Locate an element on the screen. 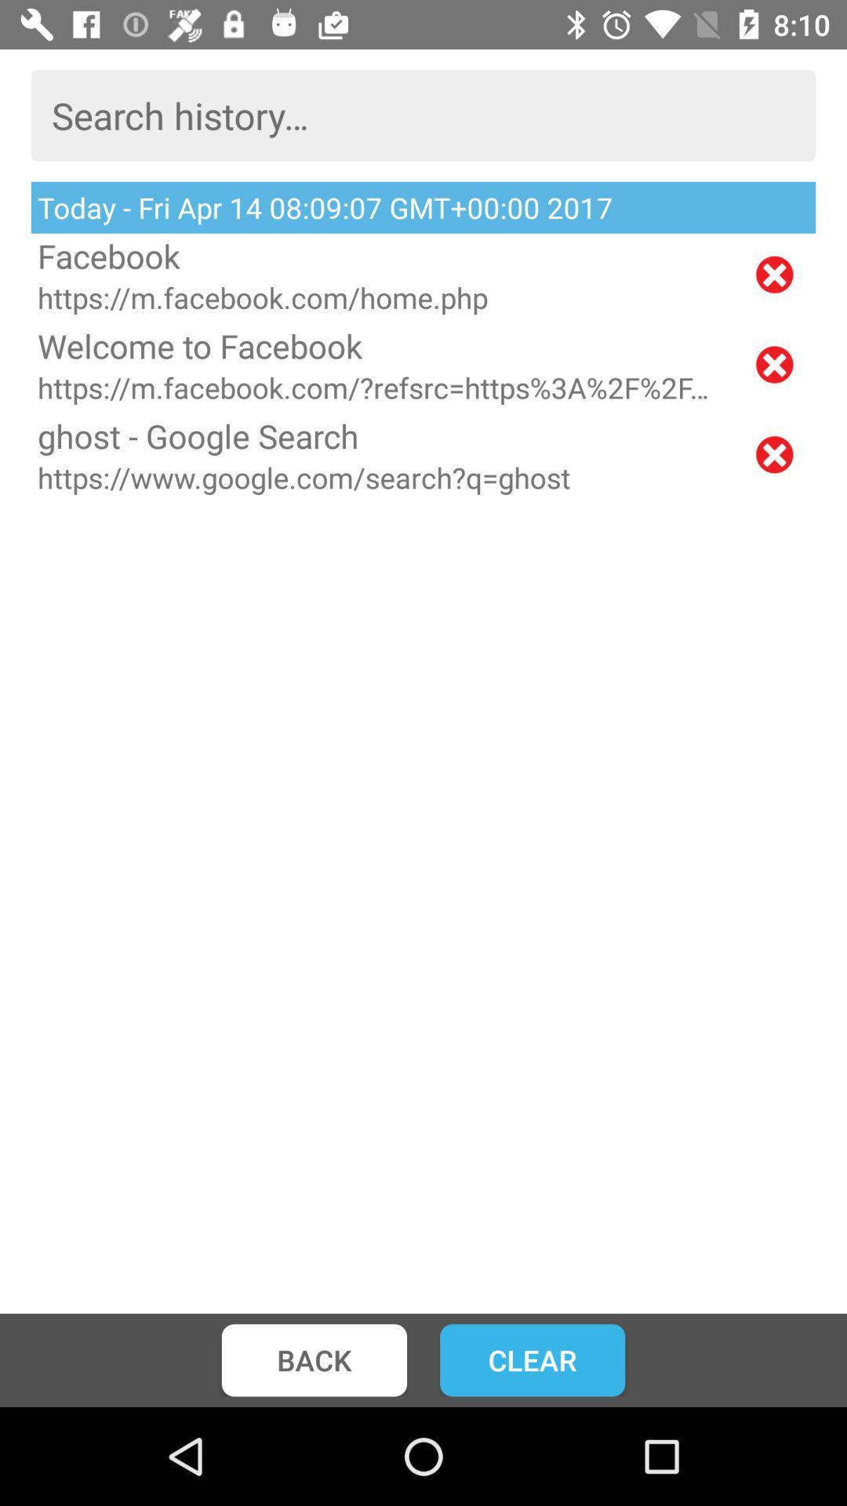 The image size is (847, 1506). icon to the left of clear is located at coordinates (314, 1359).